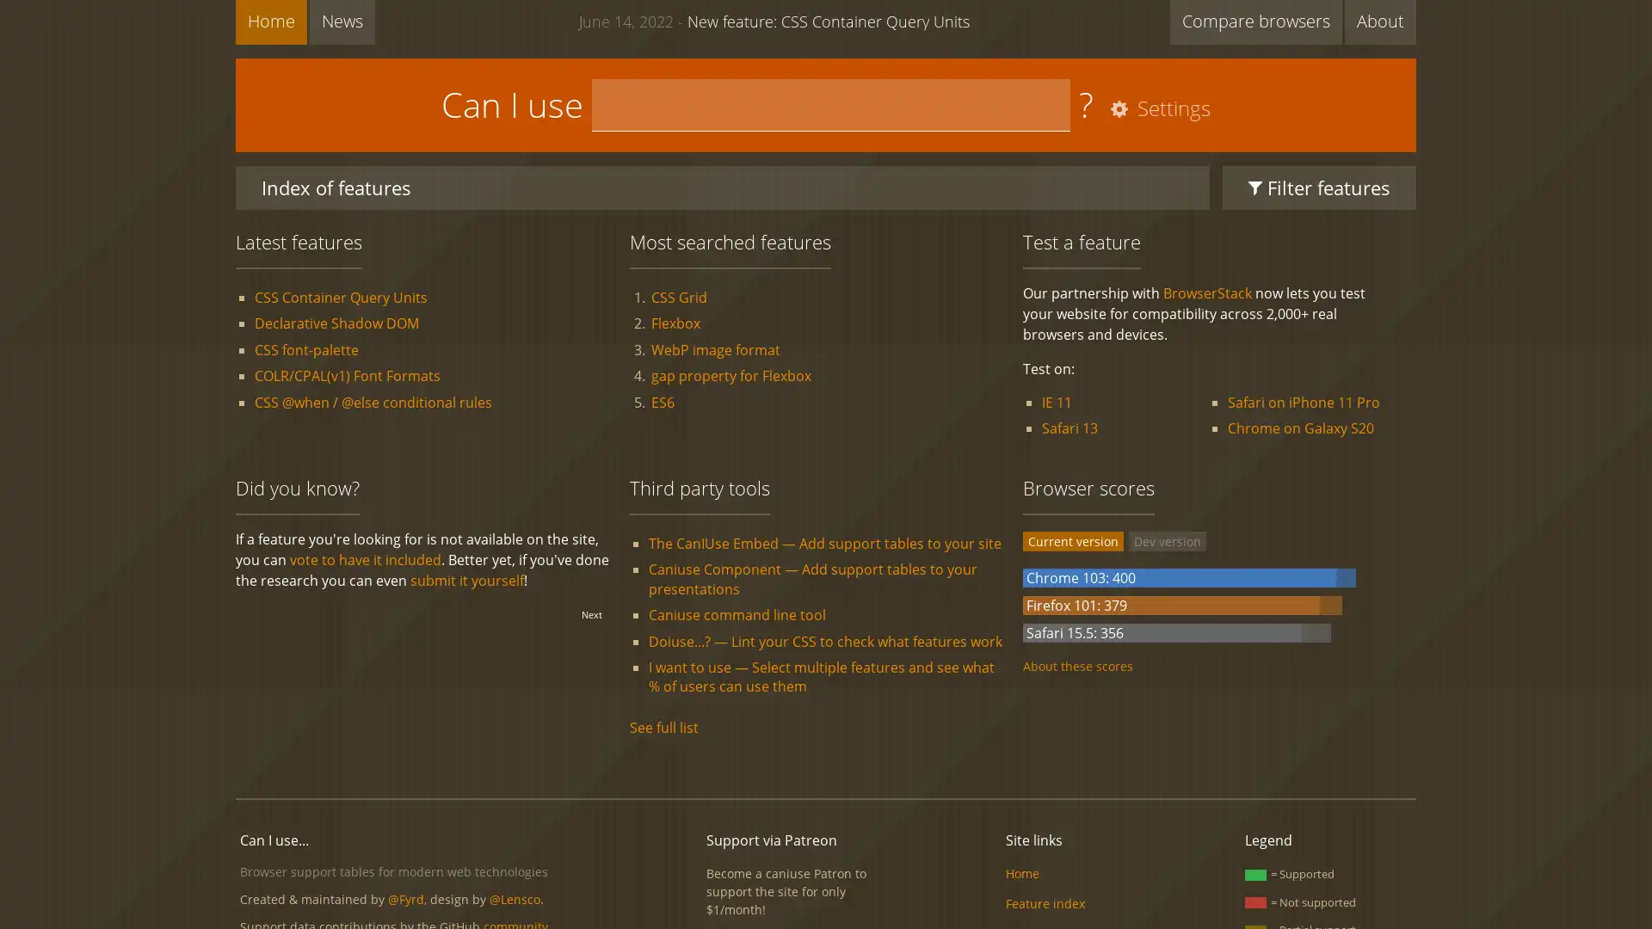  What do you see at coordinates (591, 613) in the screenshot?
I see `Next` at bounding box center [591, 613].